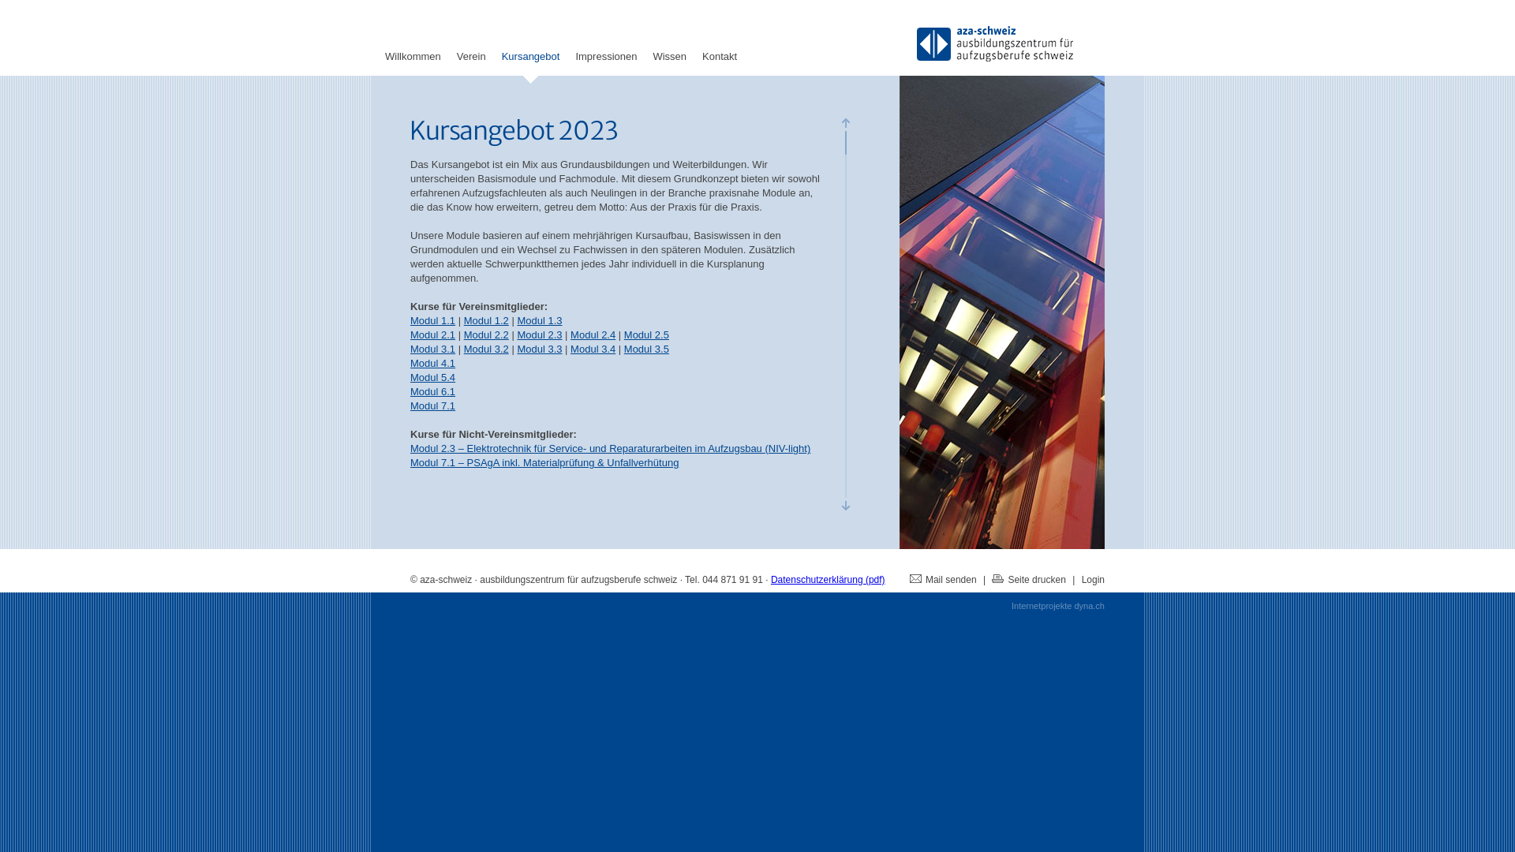  What do you see at coordinates (485, 348) in the screenshot?
I see `'Modul 3.2'` at bounding box center [485, 348].